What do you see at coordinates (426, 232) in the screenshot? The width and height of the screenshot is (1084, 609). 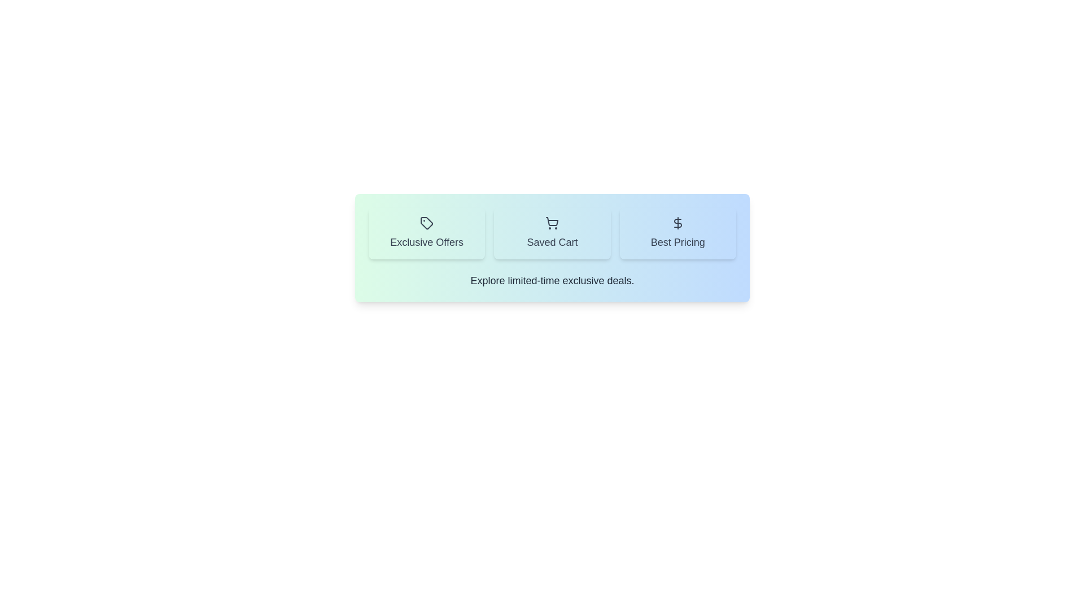 I see `the Exclusive Offers tab by clicking on its button` at bounding box center [426, 232].